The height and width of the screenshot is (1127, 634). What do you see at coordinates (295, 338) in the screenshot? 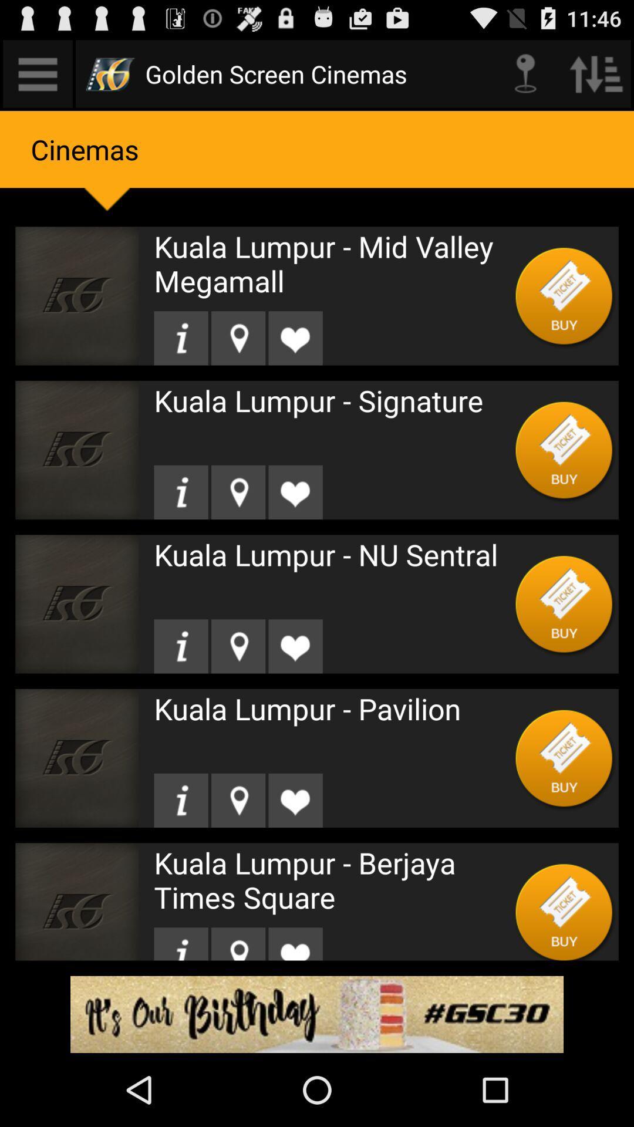
I see `like item` at bounding box center [295, 338].